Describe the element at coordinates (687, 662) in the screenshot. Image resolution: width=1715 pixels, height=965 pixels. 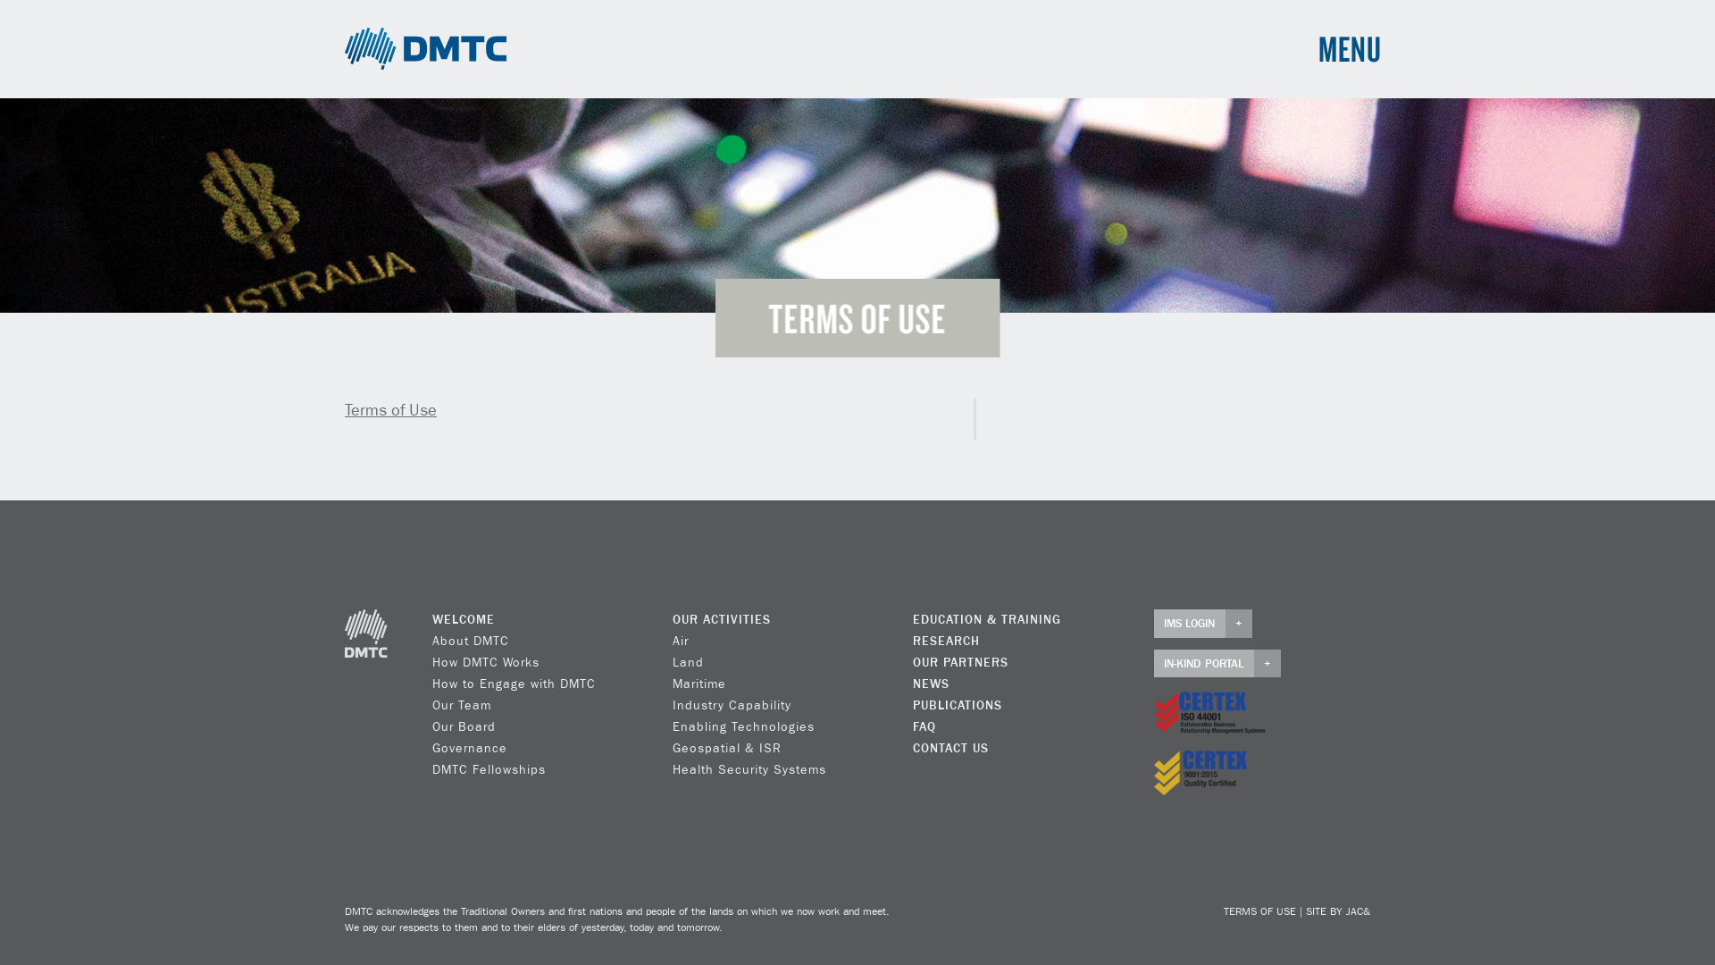
I see `'Land'` at that location.